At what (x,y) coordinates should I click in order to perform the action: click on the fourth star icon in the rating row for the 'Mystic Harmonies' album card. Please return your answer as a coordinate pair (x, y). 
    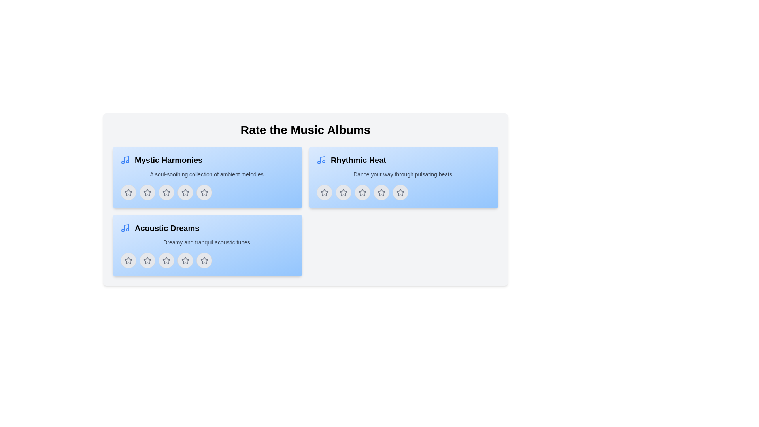
    Looking at the image, I should click on (185, 192).